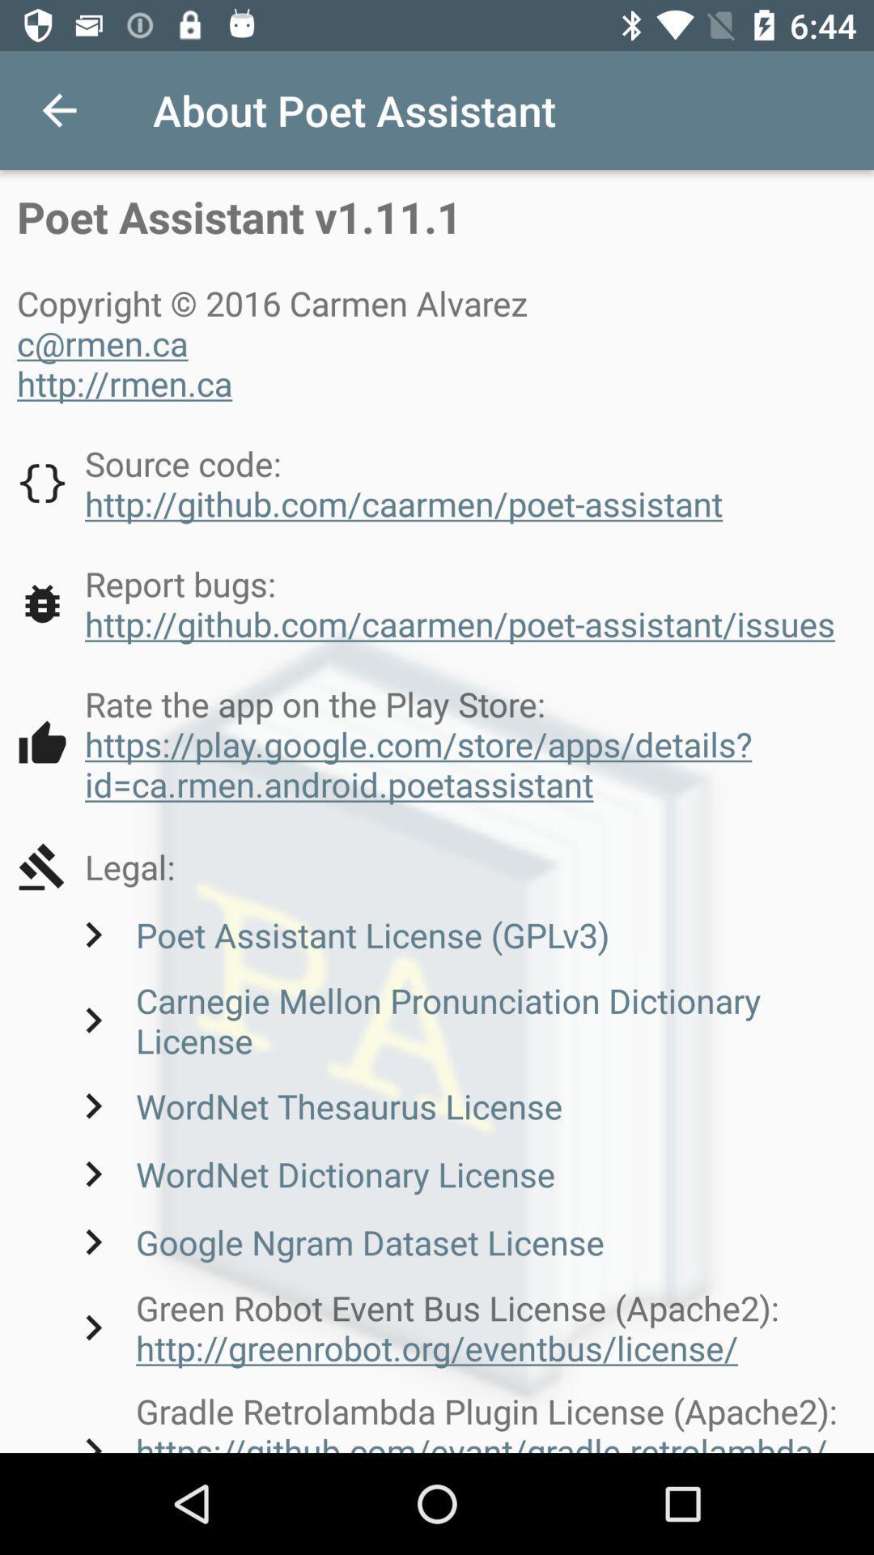  What do you see at coordinates (370, 482) in the screenshot?
I see `icon below copyright 2016 carmen icon` at bounding box center [370, 482].